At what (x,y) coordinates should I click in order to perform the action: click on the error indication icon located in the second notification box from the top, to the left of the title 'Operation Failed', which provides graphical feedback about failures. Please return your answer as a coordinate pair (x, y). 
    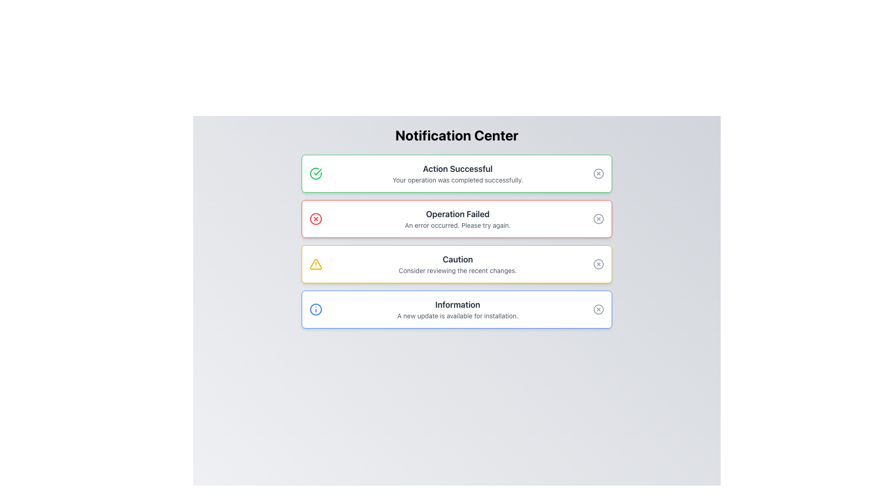
    Looking at the image, I should click on (316, 219).